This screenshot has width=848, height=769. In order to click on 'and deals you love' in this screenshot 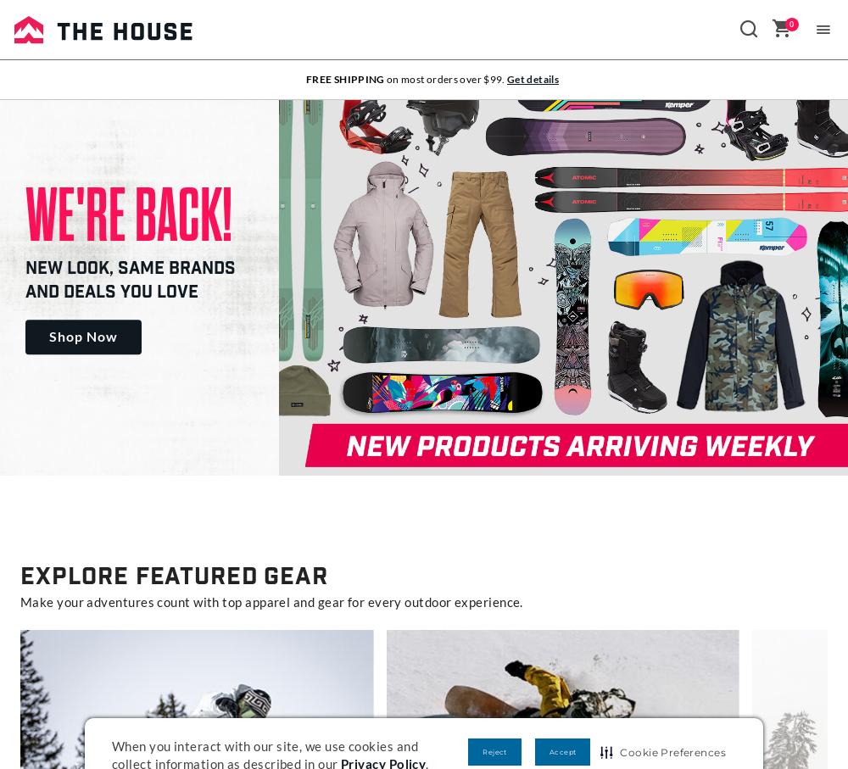, I will do `click(112, 293)`.